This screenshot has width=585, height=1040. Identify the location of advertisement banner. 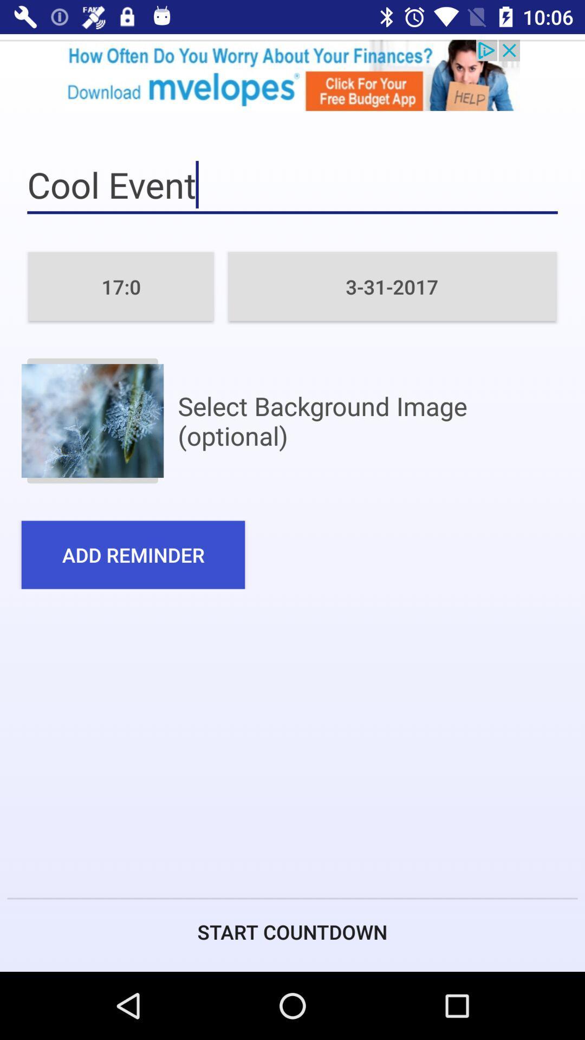
(292, 75).